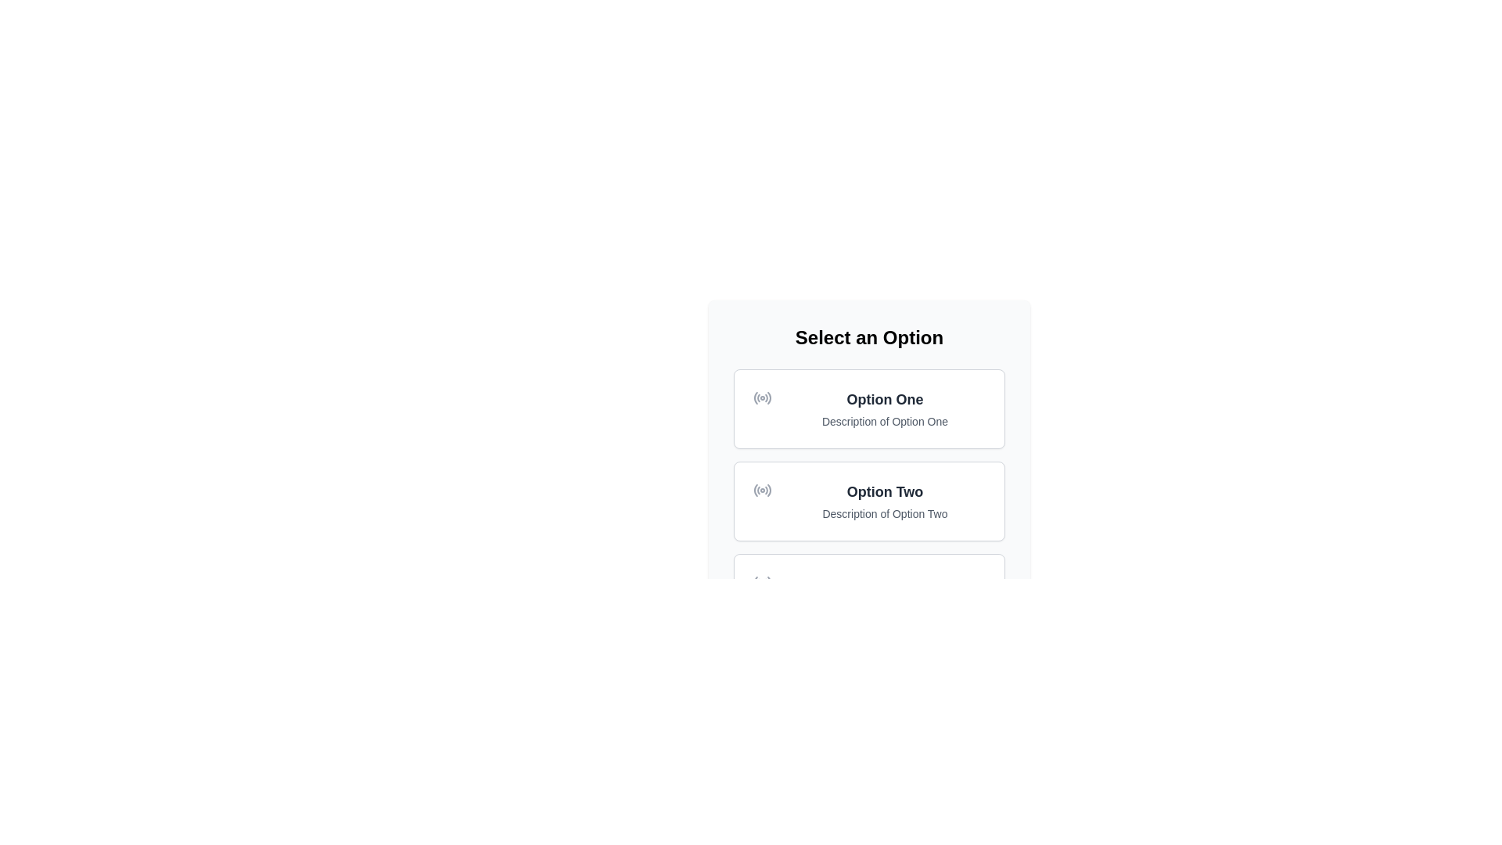  Describe the element at coordinates (885, 501) in the screenshot. I see `text content of the selectable option labeled 'Option Two' located in the second item of a vertical list` at that location.